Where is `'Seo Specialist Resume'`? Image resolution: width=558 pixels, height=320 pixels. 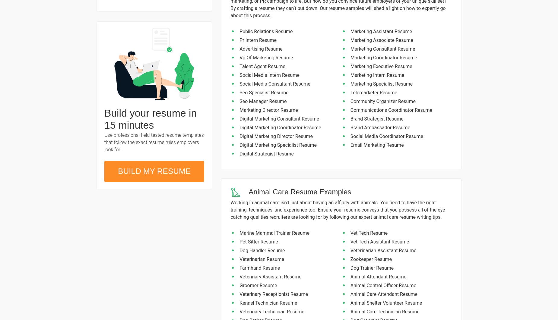 'Seo Specialist Resume' is located at coordinates (264, 92).